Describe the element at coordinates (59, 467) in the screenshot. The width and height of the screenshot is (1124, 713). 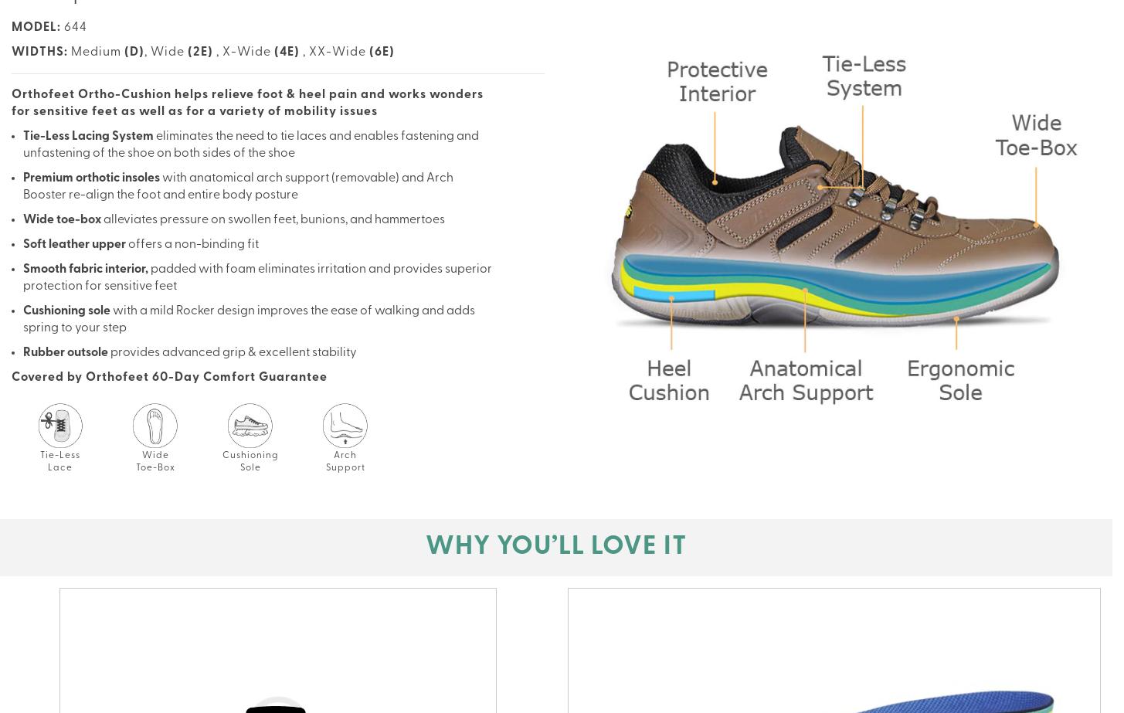
I see `'Lace'` at that location.